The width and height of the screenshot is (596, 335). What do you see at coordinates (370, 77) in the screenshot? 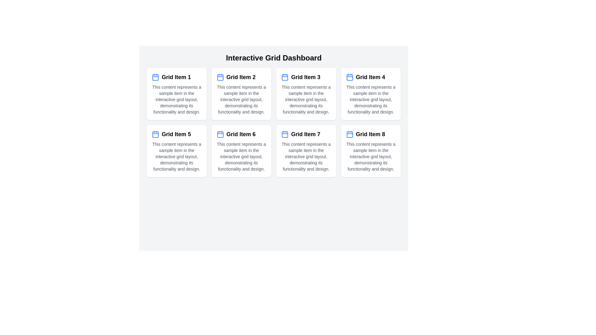
I see `the text label located in the fourth card of the grid layout, which serves as a title or identifier for the corresponding grid item` at bounding box center [370, 77].